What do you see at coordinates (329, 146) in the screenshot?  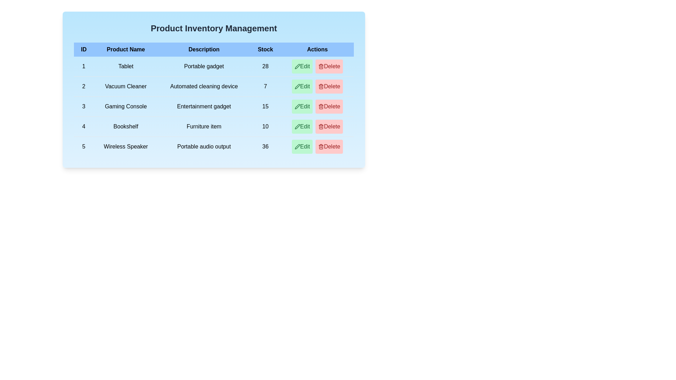 I see `the delete button on the right-hand side of the 'Actions' column for the 'Wireless Speaker' product entry in the main table` at bounding box center [329, 146].